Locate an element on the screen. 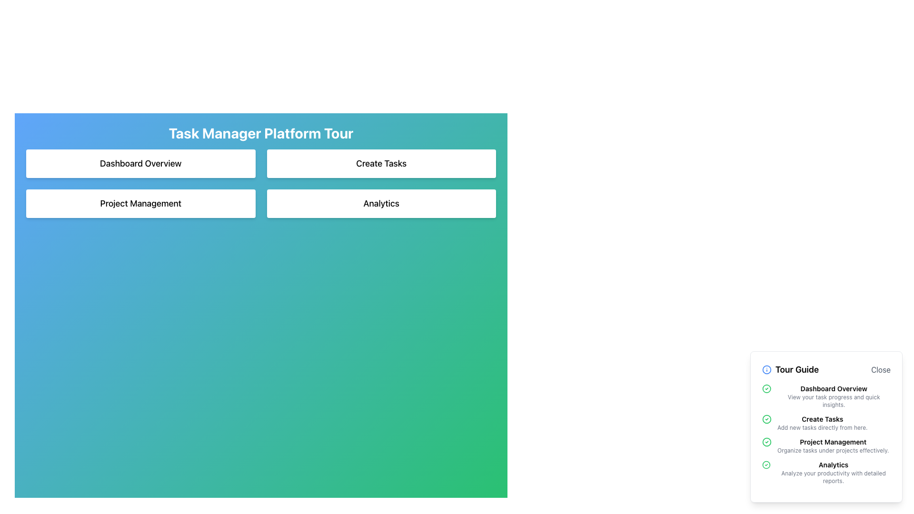 This screenshot has width=914, height=514. the 'Project Management' text element in the tour guide panel that displays 'Organize tasks under projects effectively.' is located at coordinates (833, 446).